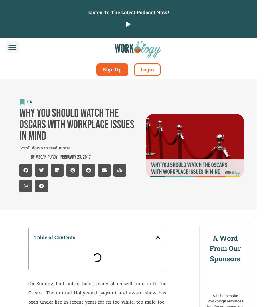 The height and width of the screenshot is (307, 270). I want to click on 'A Word From Our Sponsors', so click(209, 248).